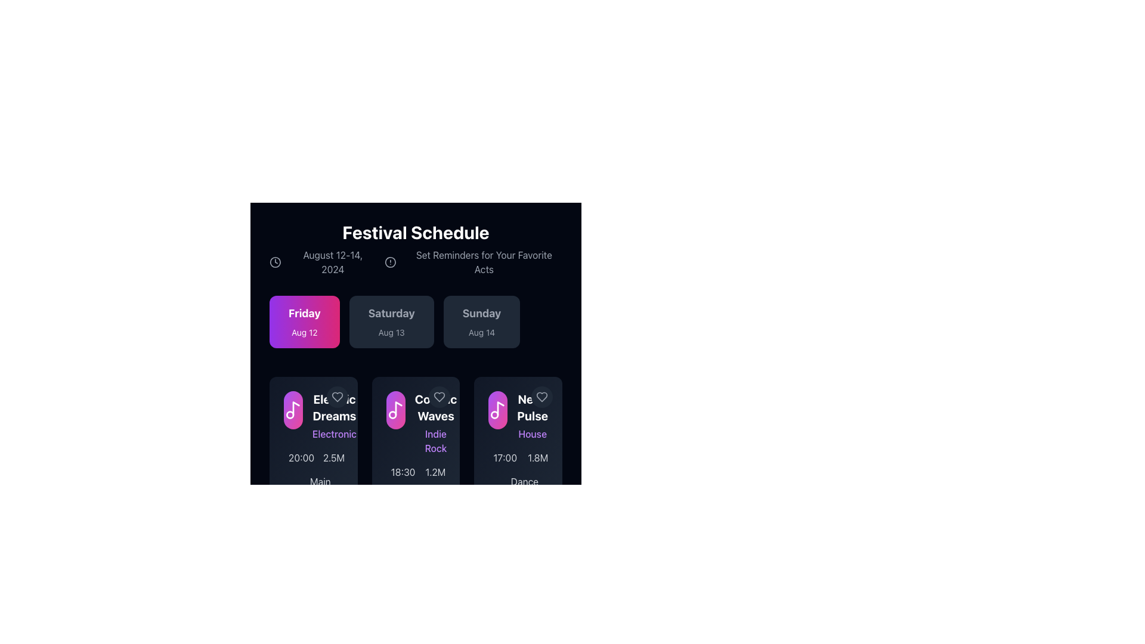 This screenshot has height=644, width=1145. I want to click on the time indication text for the 'Co Waves' event located in the bottom portion of the event card, to the right of the clock icon, so click(403, 471).